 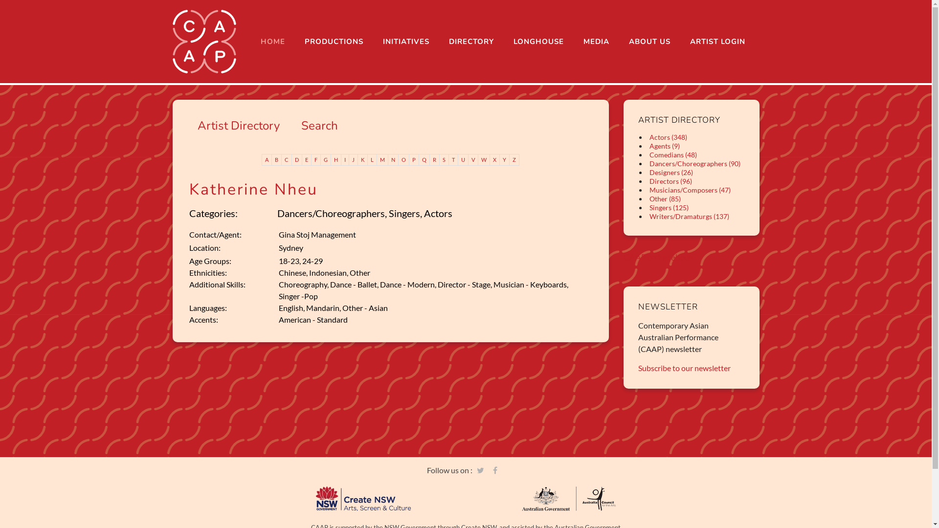 What do you see at coordinates (509, 159) in the screenshot?
I see `'Z'` at bounding box center [509, 159].